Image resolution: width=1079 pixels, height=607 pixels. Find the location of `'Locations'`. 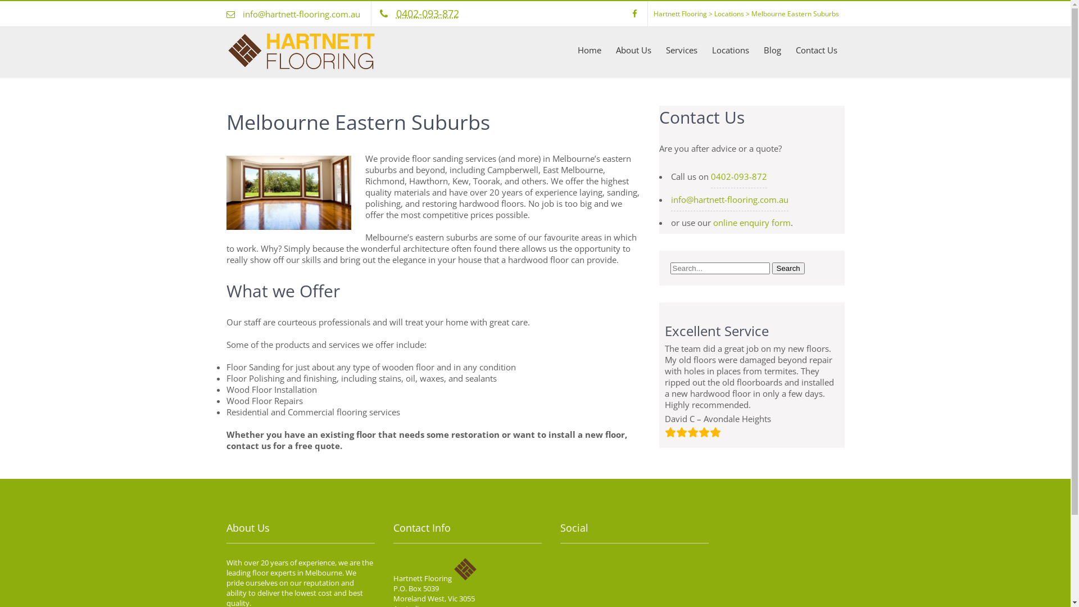

'Locations' is located at coordinates (731, 49).